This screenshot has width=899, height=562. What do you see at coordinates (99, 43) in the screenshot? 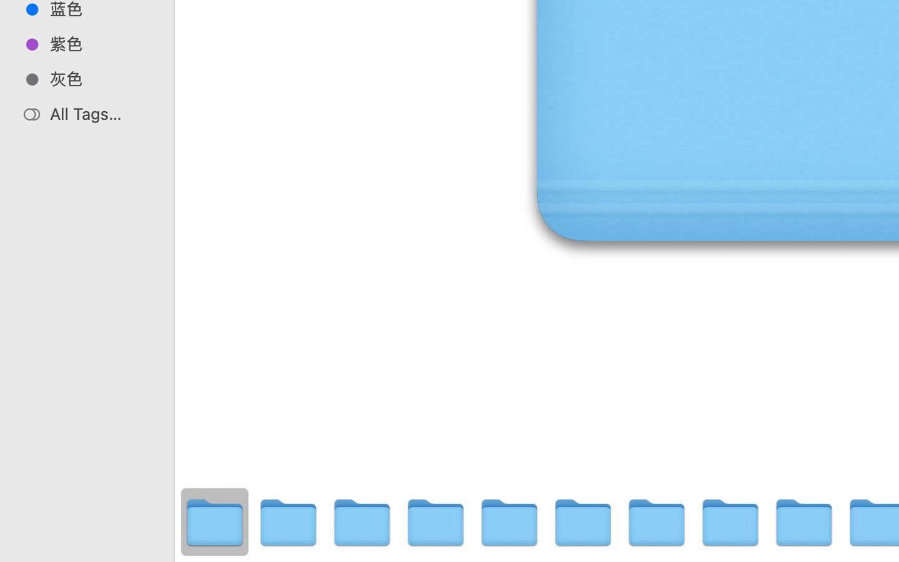
I see `'紫色'` at bounding box center [99, 43].